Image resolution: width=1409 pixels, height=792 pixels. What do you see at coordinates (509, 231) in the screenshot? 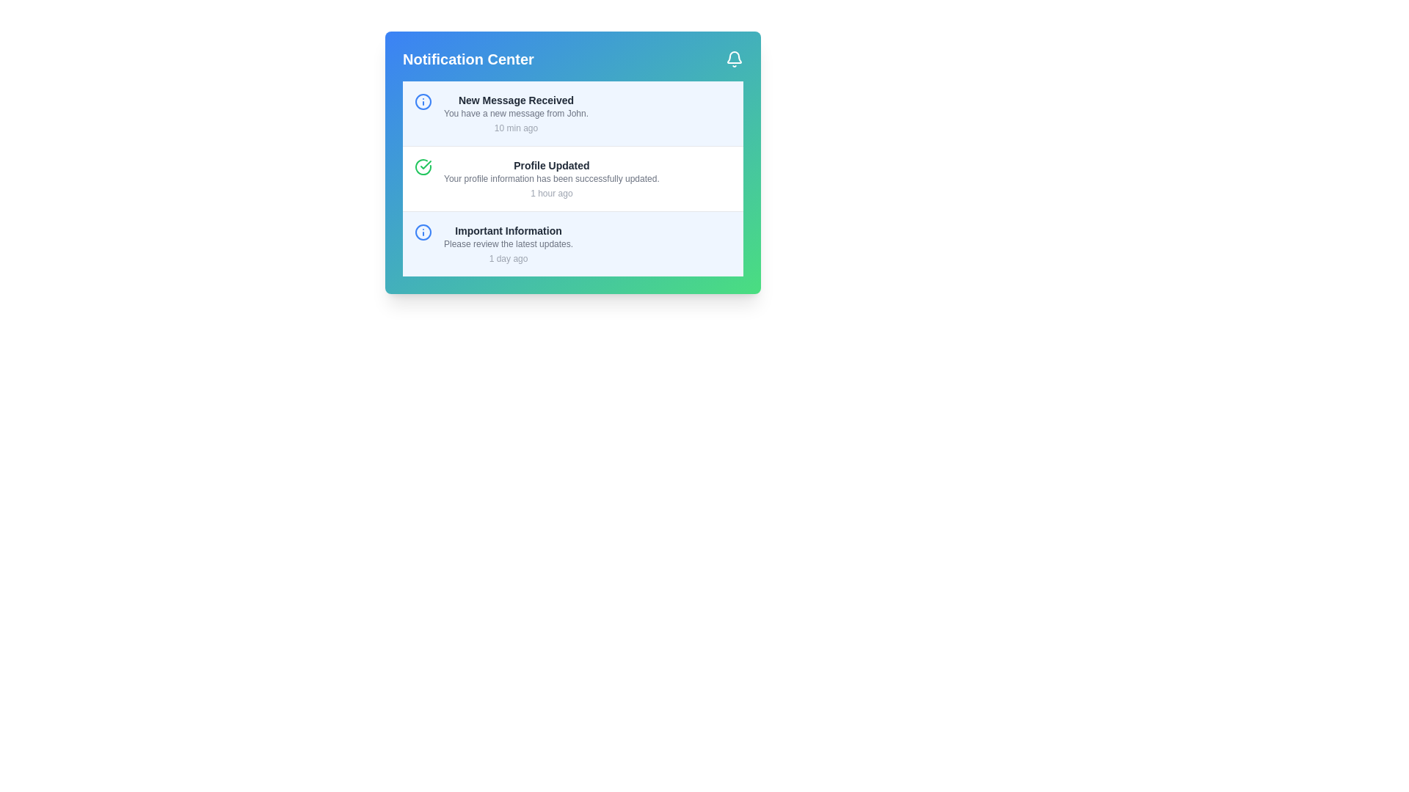
I see `the title text label of the third notification message in the Notification Center` at bounding box center [509, 231].